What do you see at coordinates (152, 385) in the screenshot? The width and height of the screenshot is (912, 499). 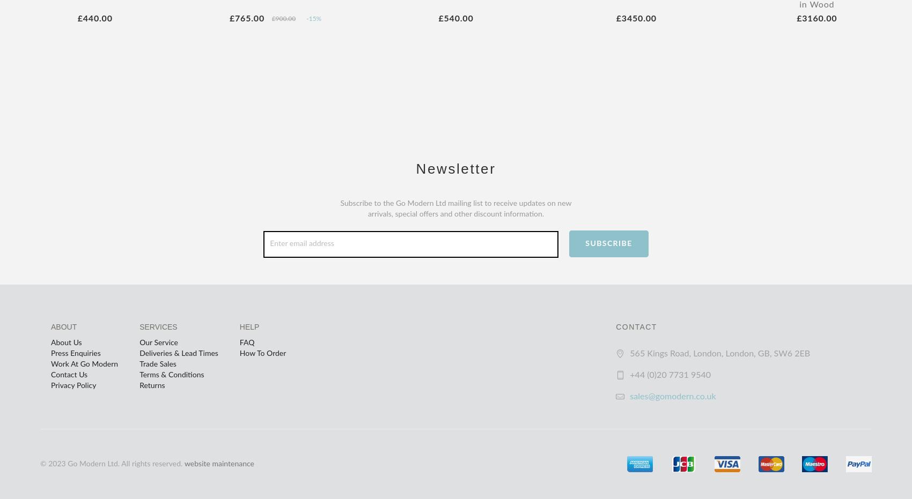 I see `'Returns'` at bounding box center [152, 385].